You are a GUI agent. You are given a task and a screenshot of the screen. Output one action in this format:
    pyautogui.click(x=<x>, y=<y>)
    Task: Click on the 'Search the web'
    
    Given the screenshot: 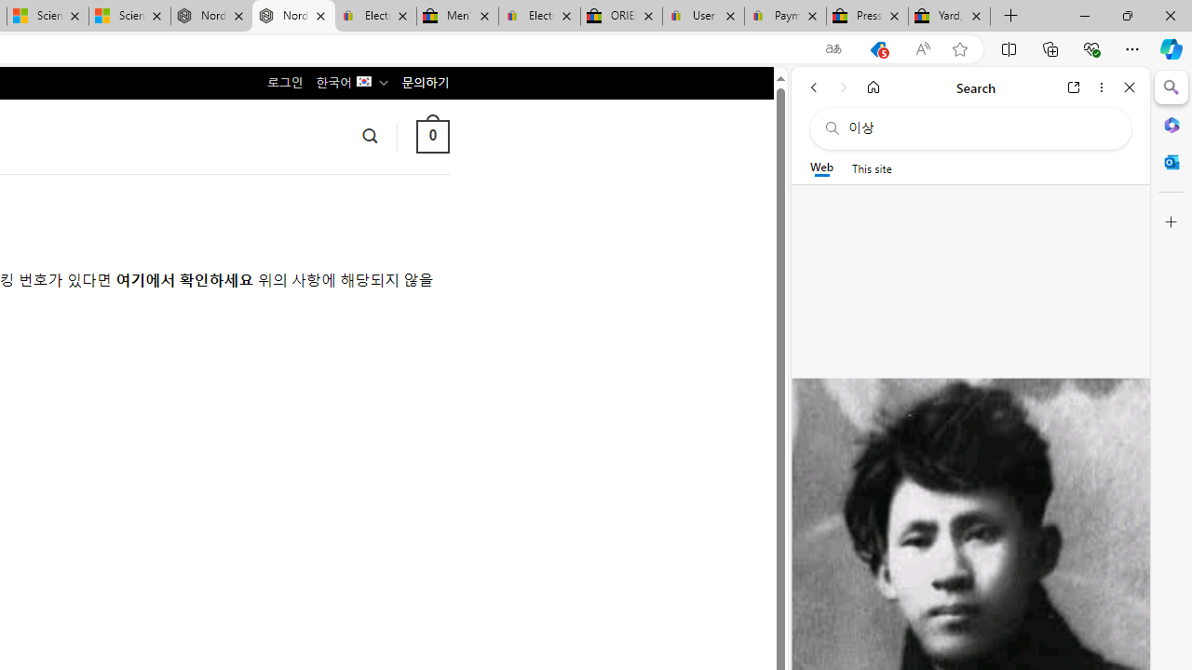 What is the action you would take?
    pyautogui.click(x=979, y=127)
    